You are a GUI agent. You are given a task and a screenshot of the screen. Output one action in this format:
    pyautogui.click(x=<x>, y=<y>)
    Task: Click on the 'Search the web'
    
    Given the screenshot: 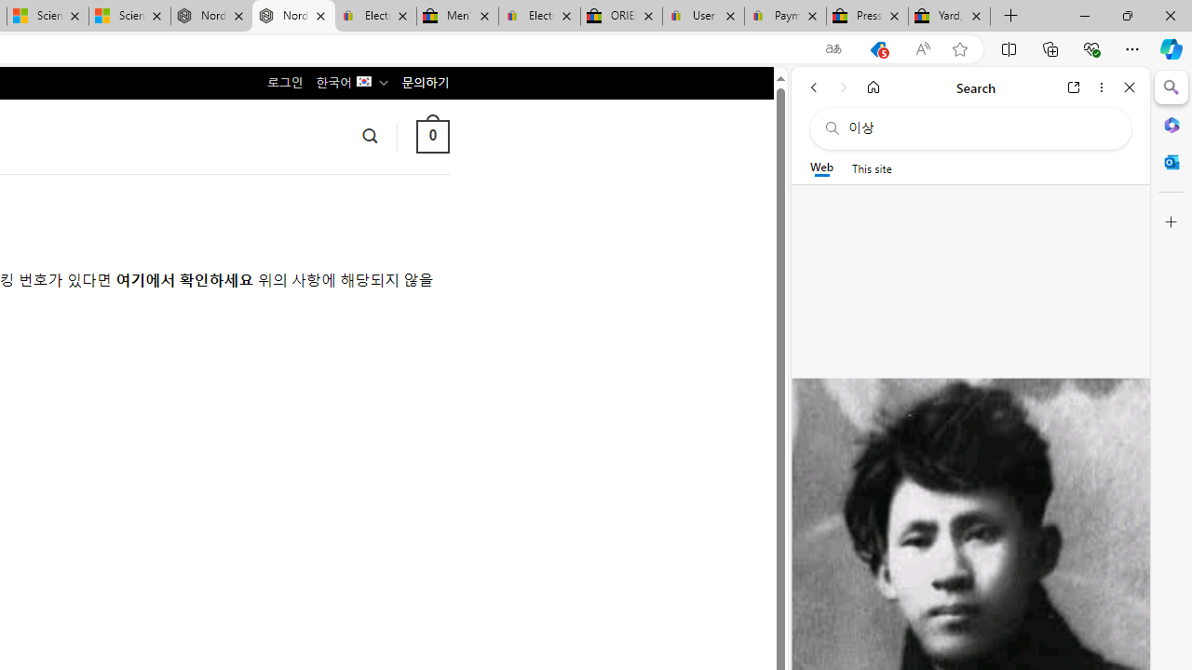 What is the action you would take?
    pyautogui.click(x=979, y=127)
    